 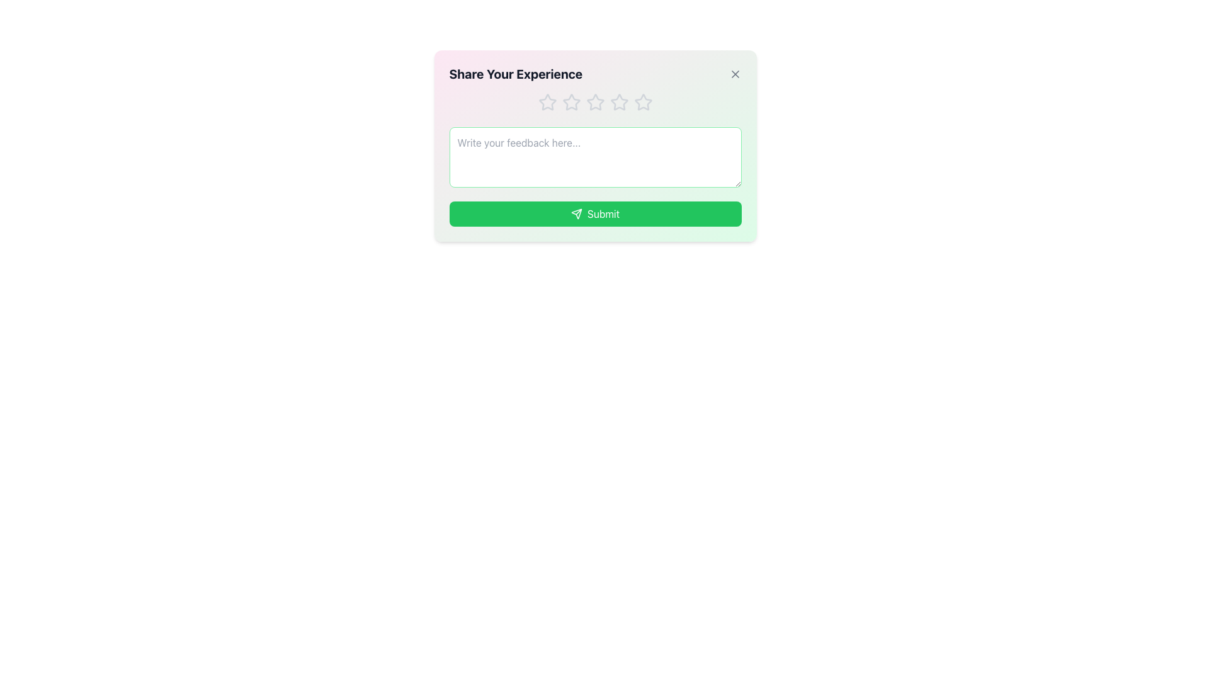 I want to click on the second star-shaped icon in the rating selection interface, so click(x=570, y=101).